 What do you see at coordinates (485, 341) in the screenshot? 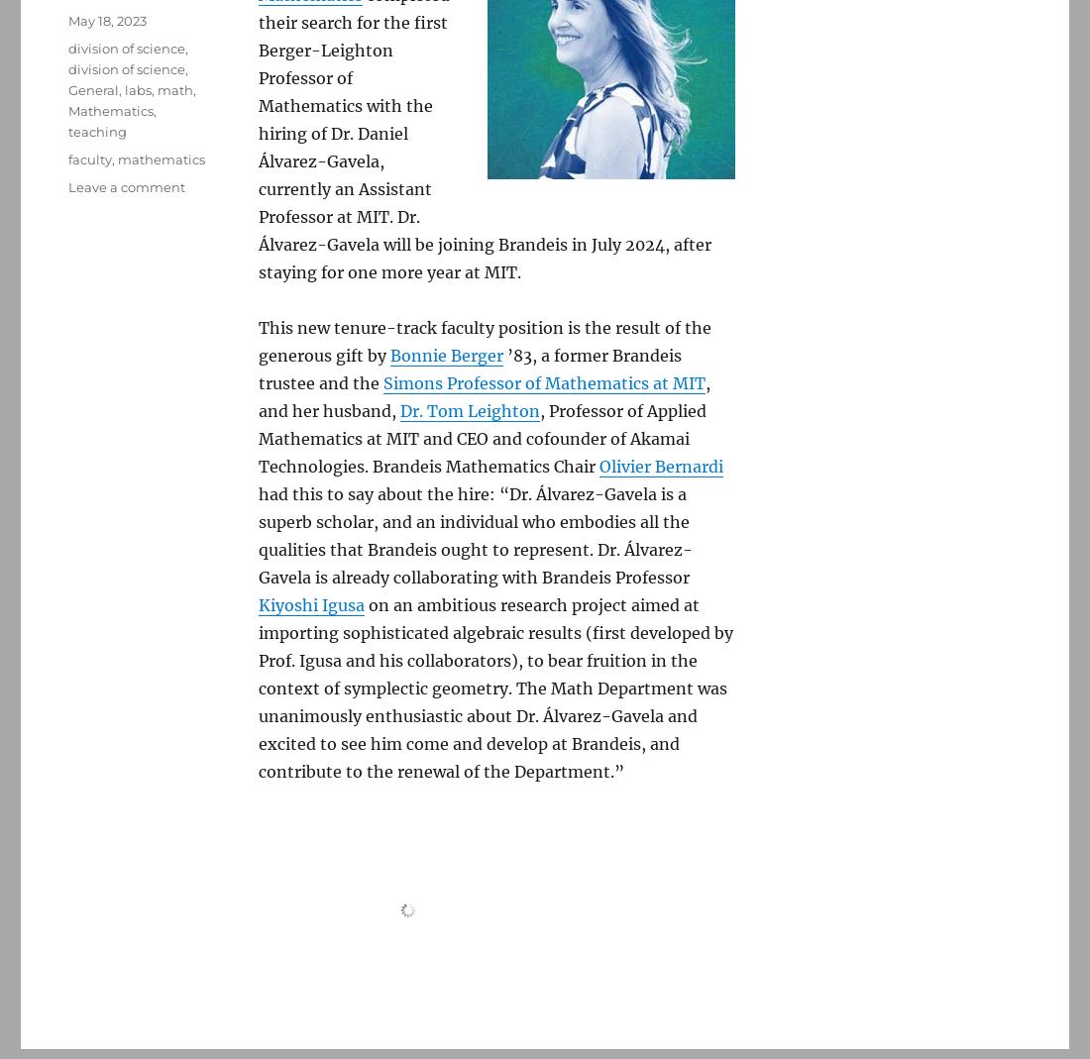
I see `'This new tenure-track faculty position is the result of the generous gift by'` at bounding box center [485, 341].